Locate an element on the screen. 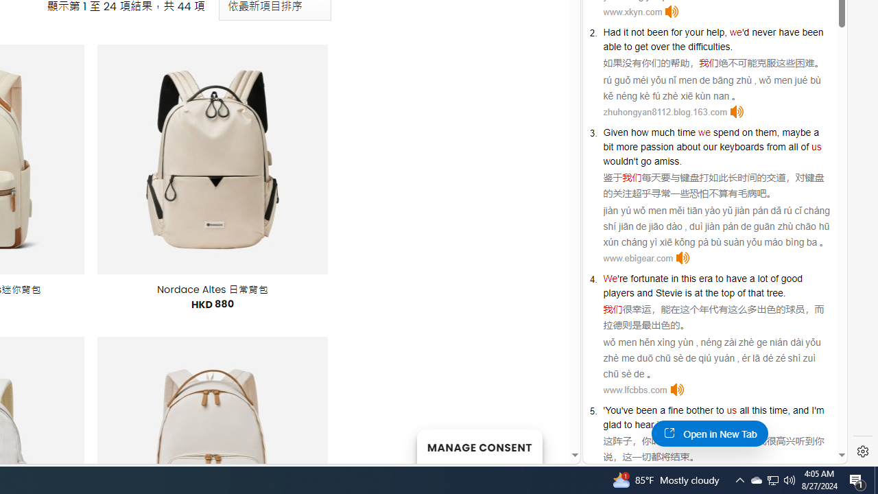  'players' is located at coordinates (618, 292).